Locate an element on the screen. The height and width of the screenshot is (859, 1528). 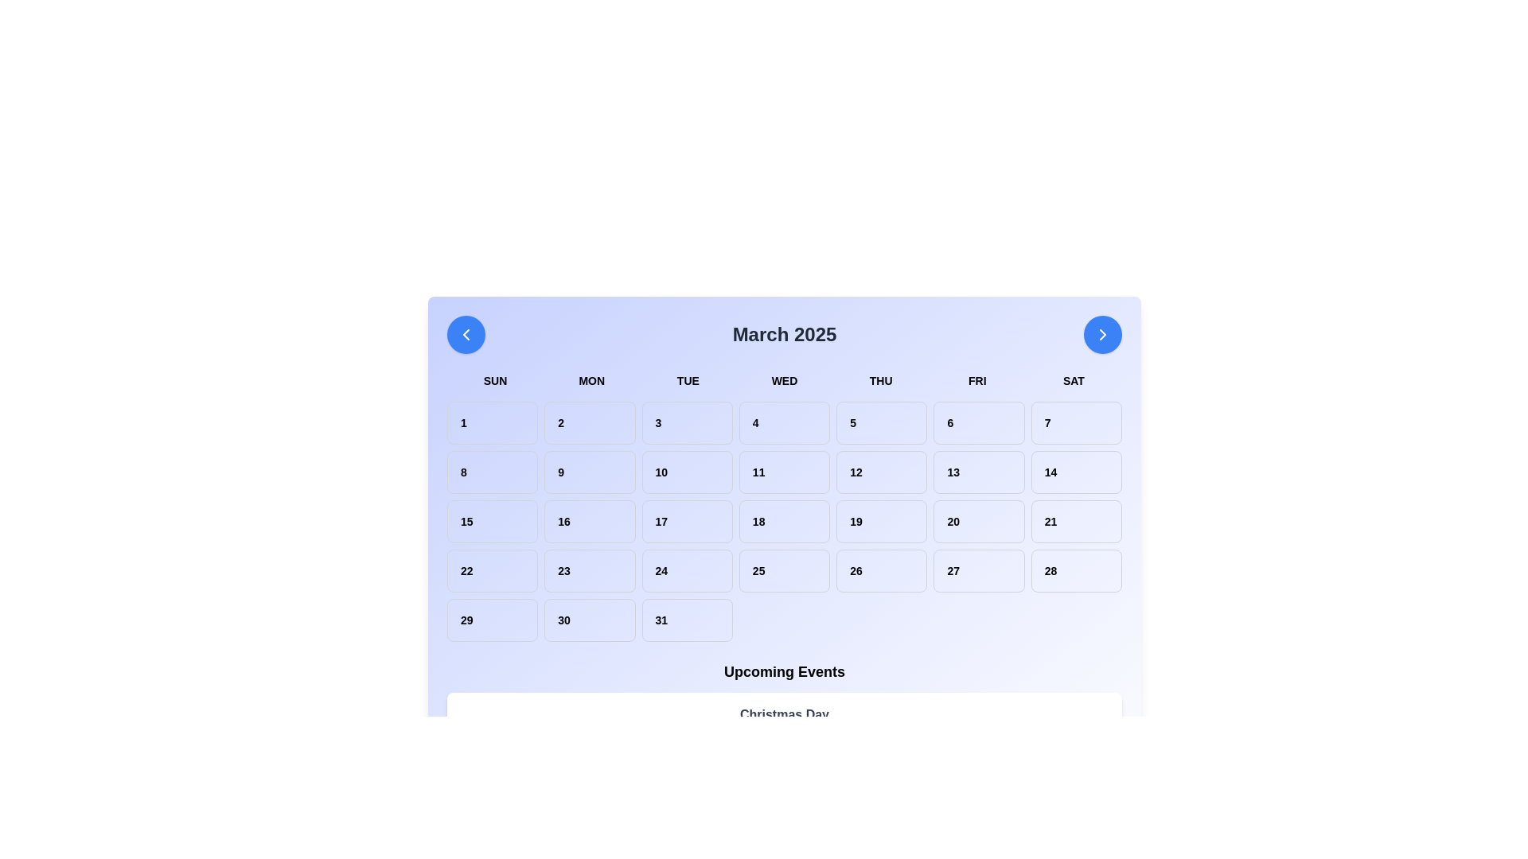
text label displaying 'Mon' which is styled in bold and located at the center of a grid cell in the calendar interface is located at coordinates (591, 380).